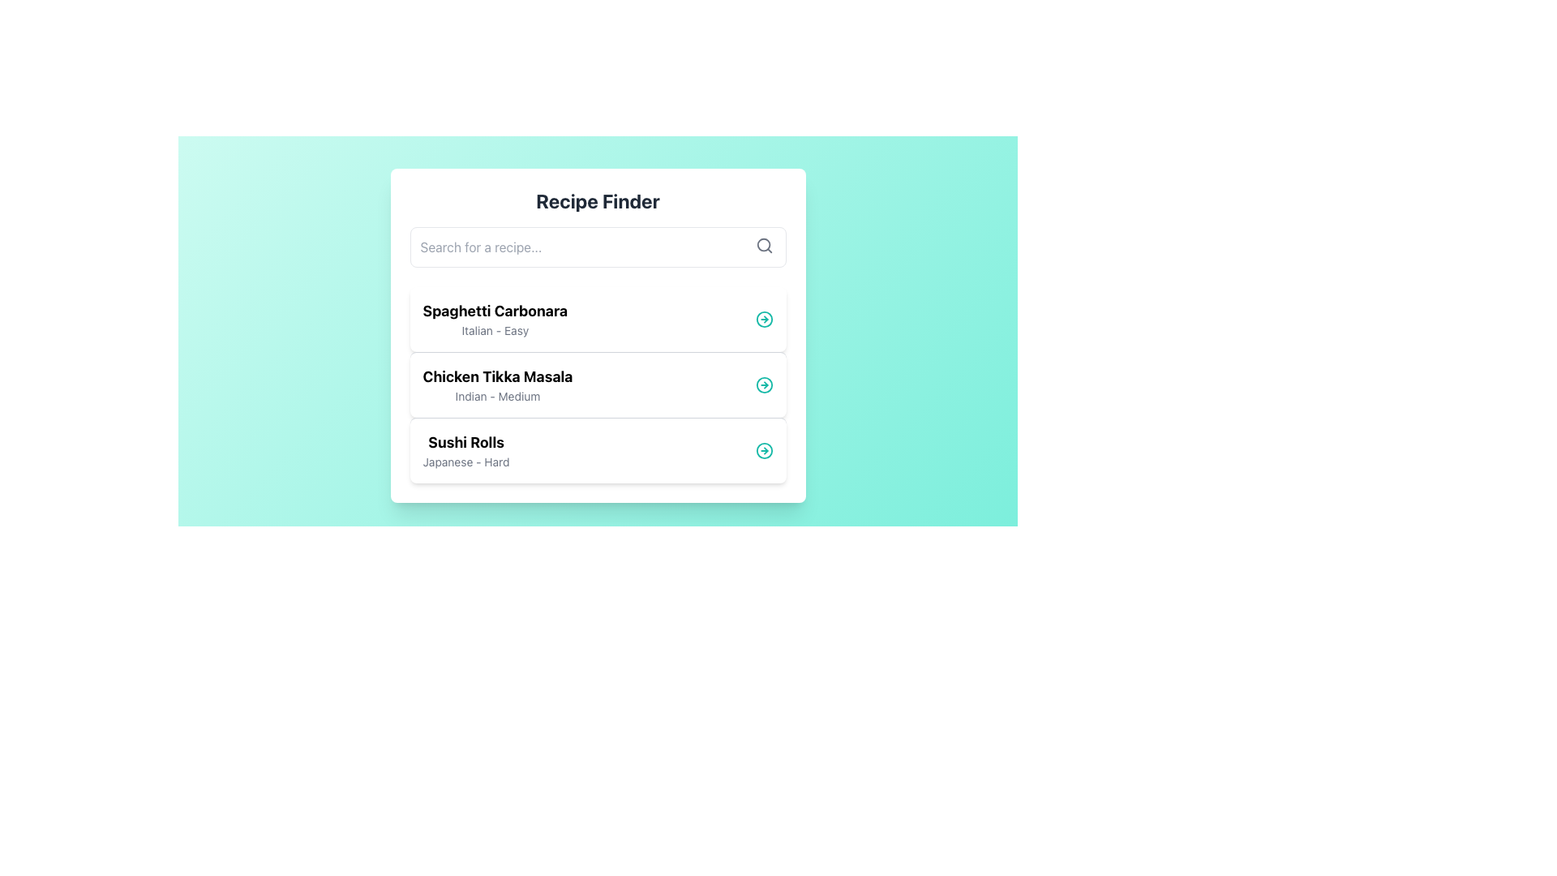 This screenshot has height=876, width=1557. I want to click on text content of the 'Sushi Rolls' label, which is displayed in bold and large font inside a white card, located under 'Chicken Tikka Masala' in the 'Recipe Finder' section, so click(465, 443).